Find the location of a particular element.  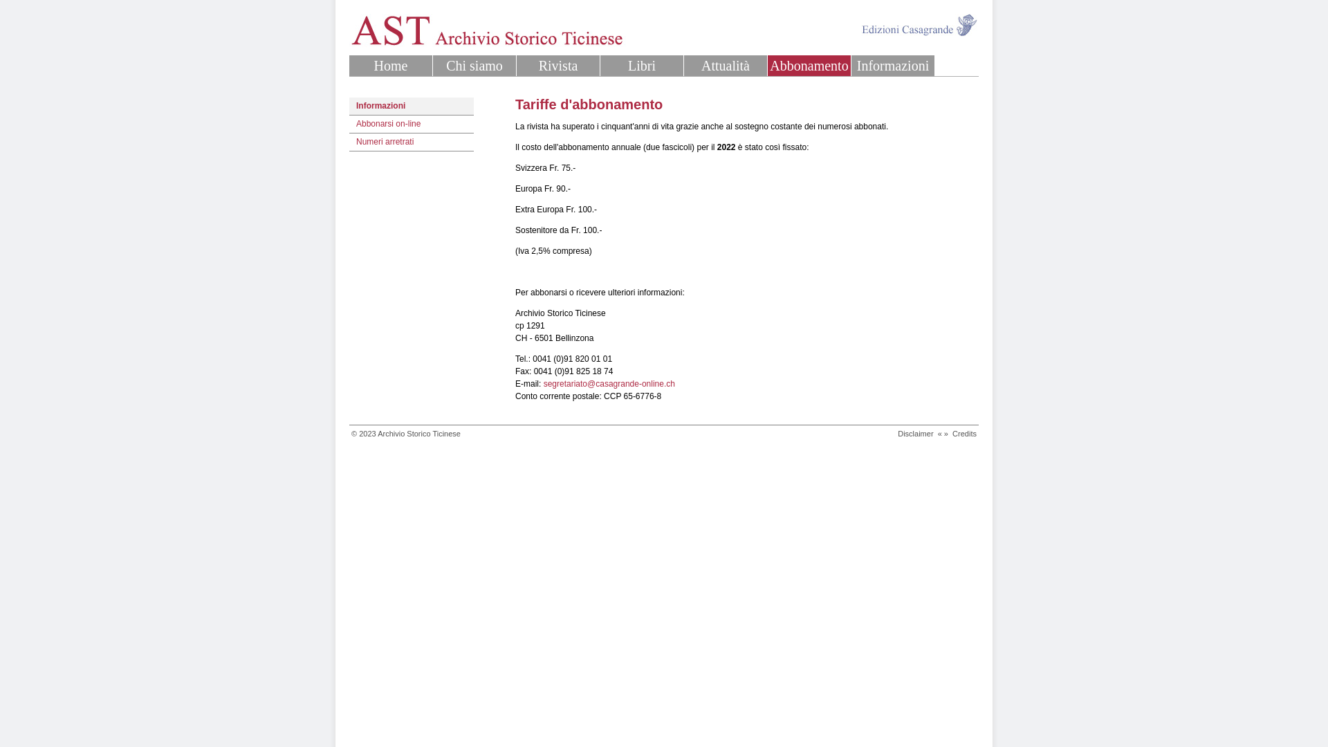

'Numeri arretrati' is located at coordinates (411, 142).